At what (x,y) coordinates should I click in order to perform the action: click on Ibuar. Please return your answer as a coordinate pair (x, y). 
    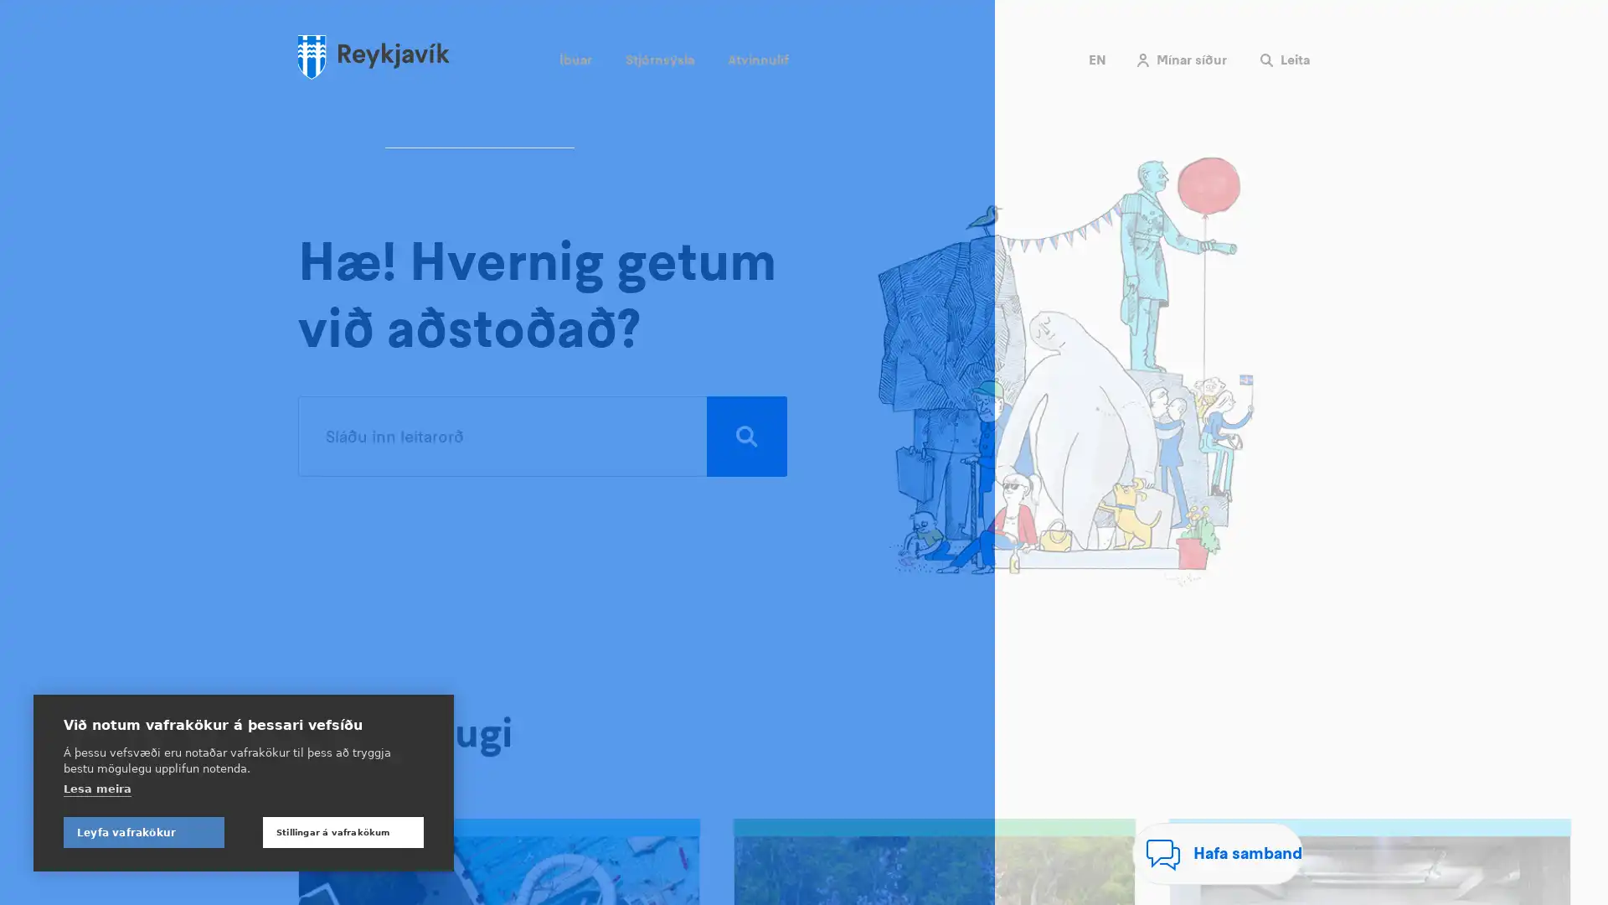
    Looking at the image, I should click on (575, 56).